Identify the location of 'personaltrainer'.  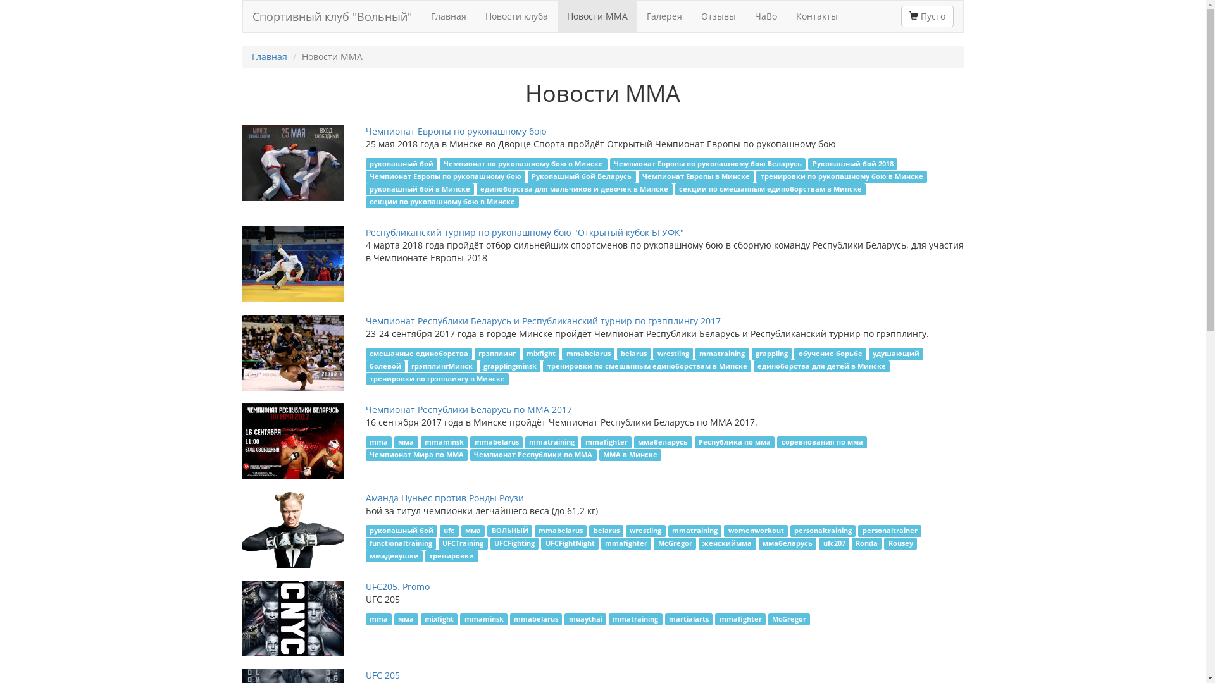
(889, 531).